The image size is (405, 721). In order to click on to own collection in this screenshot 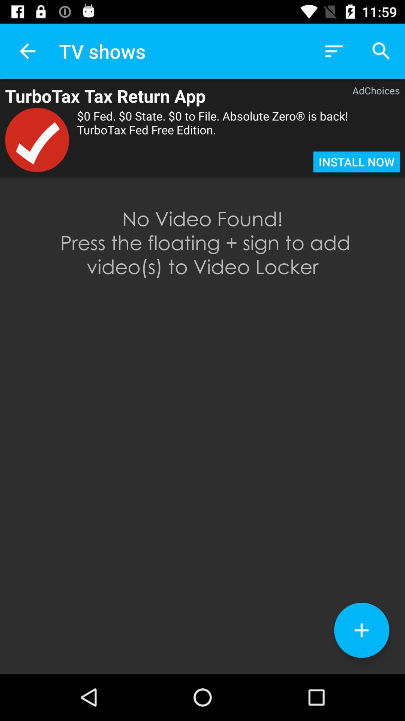, I will do `click(361, 630)`.